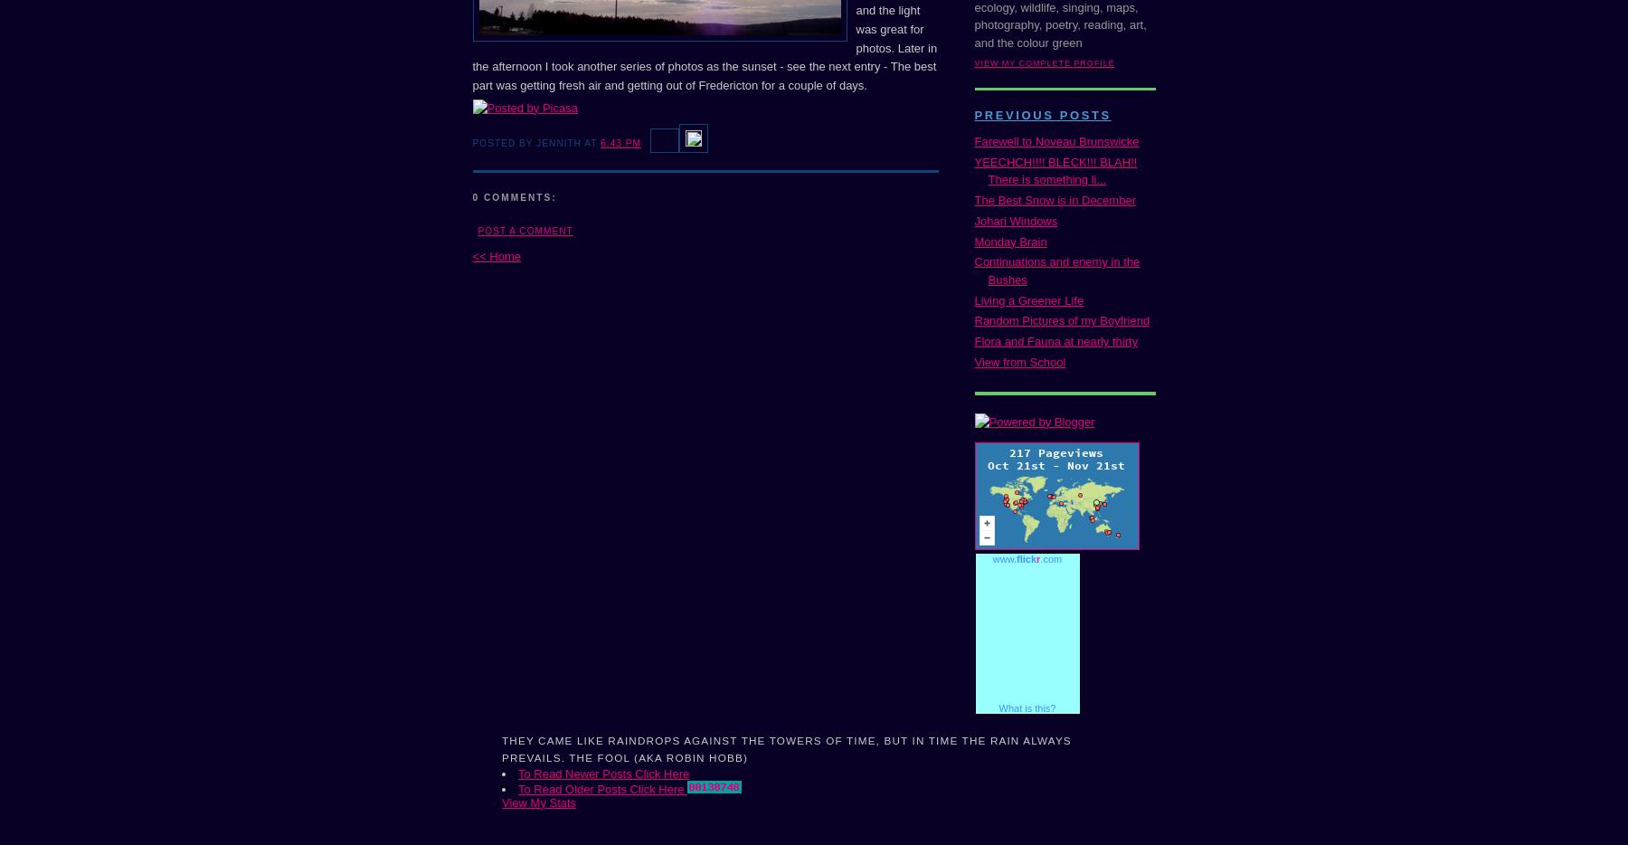 Image resolution: width=1628 pixels, height=845 pixels. Describe the element at coordinates (786, 748) in the screenshot. I see `'They came like raindrops against the towers of time, but in time the rain always prevails.  The Fool (aka Robin Hobb)'` at that location.